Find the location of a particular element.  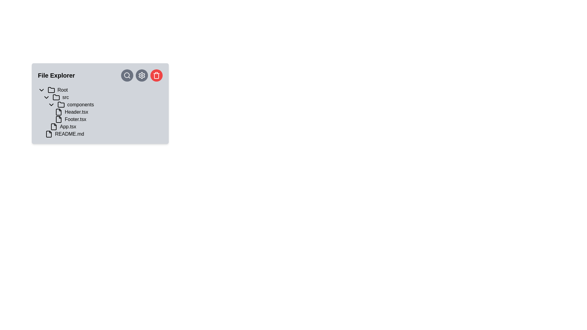

the downward chevron icon is located at coordinates (46, 97).